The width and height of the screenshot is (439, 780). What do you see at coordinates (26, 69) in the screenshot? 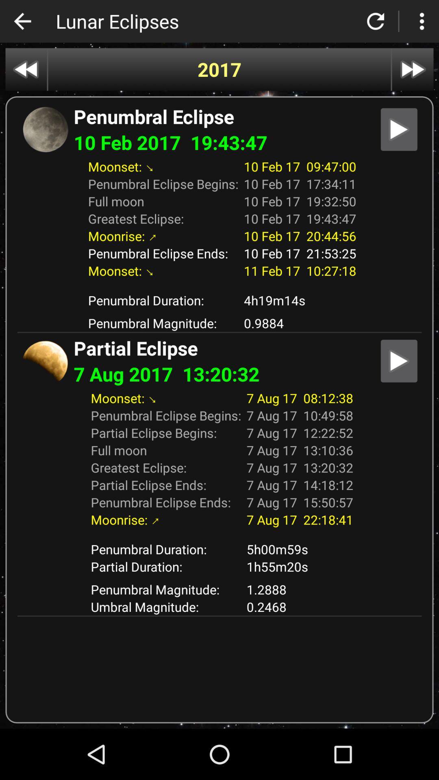
I see `go back` at bounding box center [26, 69].